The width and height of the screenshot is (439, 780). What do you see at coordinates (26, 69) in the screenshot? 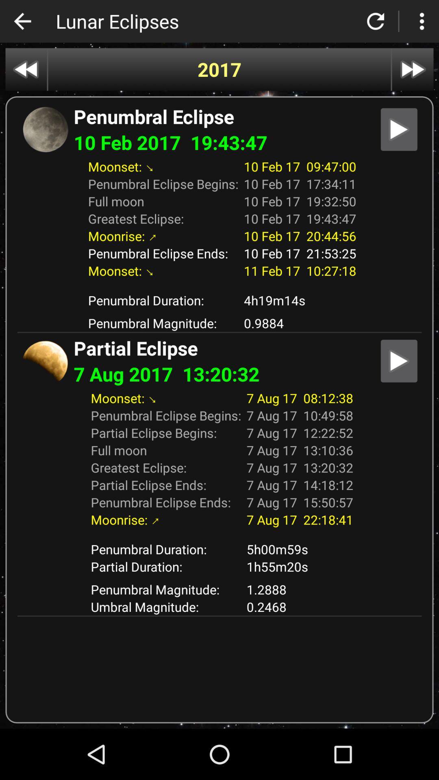
I see `go back` at bounding box center [26, 69].